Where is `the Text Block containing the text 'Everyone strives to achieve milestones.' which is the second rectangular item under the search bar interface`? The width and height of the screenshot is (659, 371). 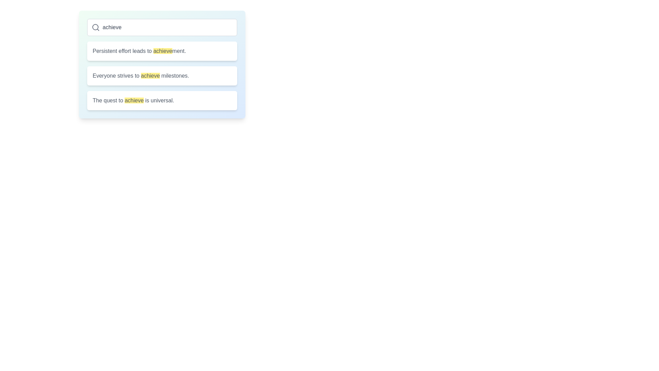
the Text Block containing the text 'Everyone strives to achieve milestones.' which is the second rectangular item under the search bar interface is located at coordinates (162, 76).